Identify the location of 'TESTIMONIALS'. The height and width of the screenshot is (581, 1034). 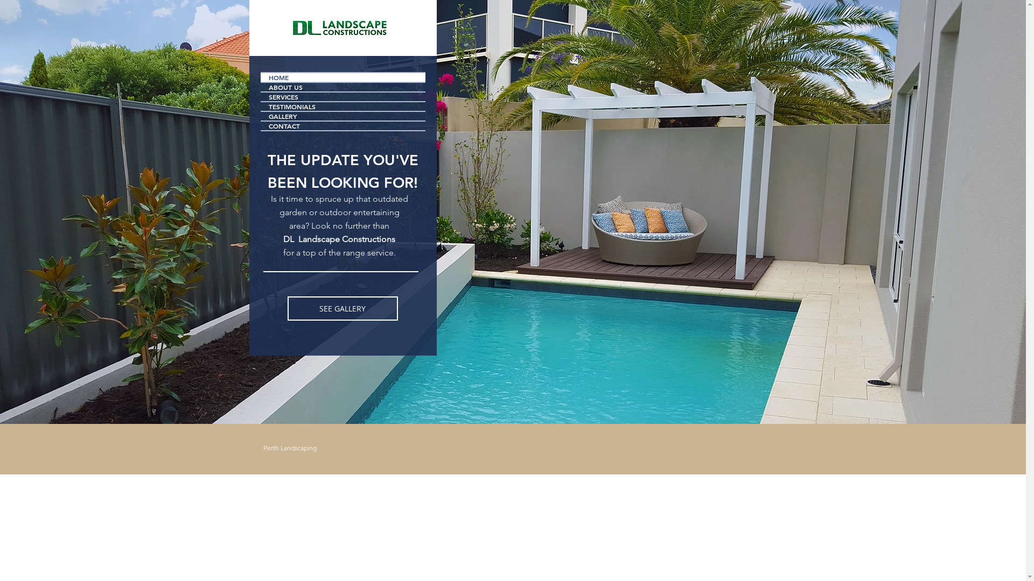
(343, 106).